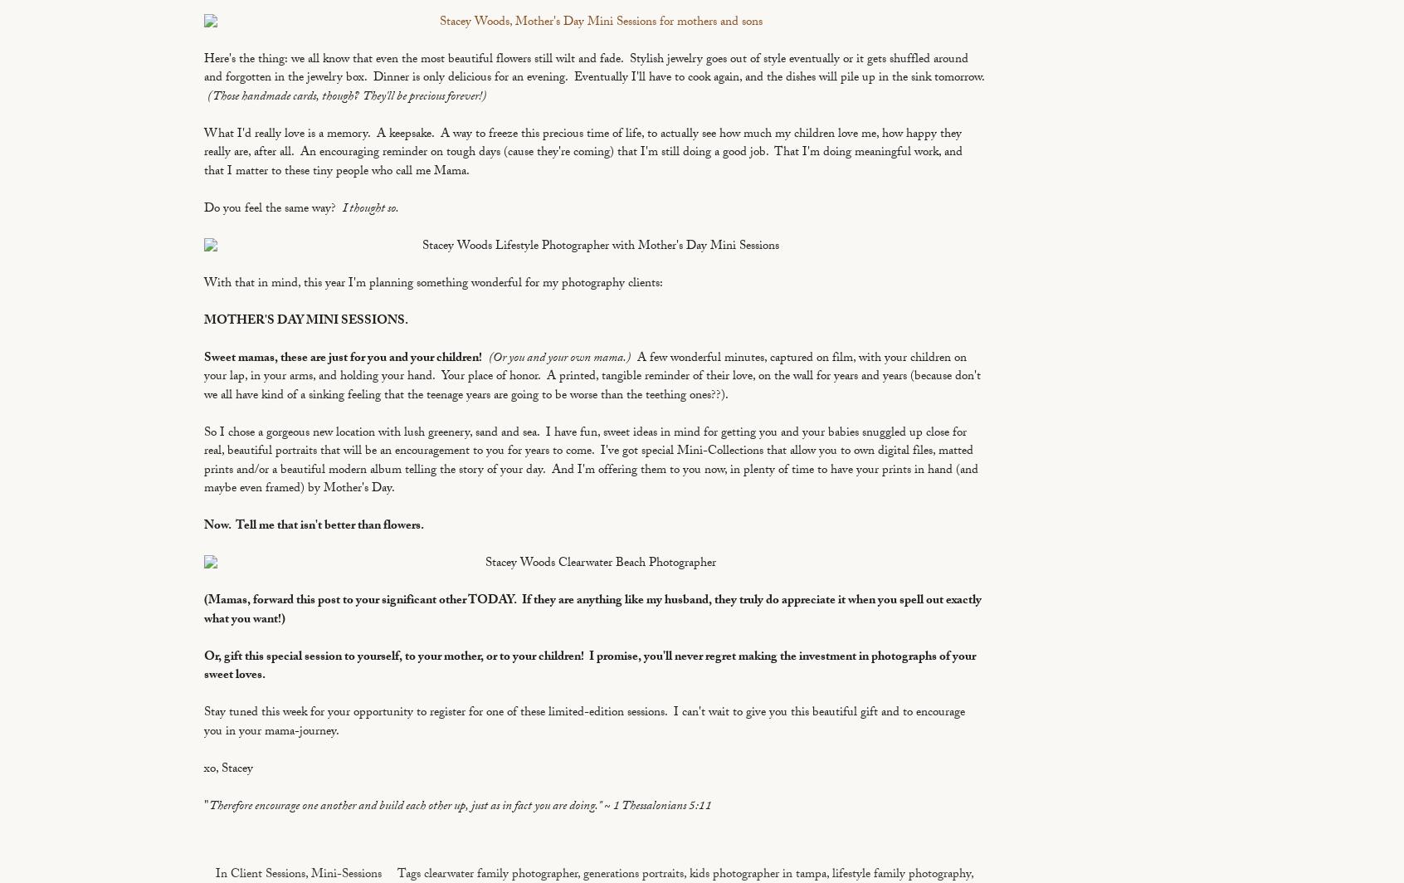  Describe the element at coordinates (583, 153) in the screenshot. I see `'What I'd really love is a memory.  A keepsake.  A way to freeze this precious time of life, to actually see how much my children love me, how happy they really are, after all.  An encouraging reminder on tough days (cause they're coming) that I'm still doing a good job.  That I'm doing meaningful work, and that I matter to these tiny people who call me Mama.'` at that location.